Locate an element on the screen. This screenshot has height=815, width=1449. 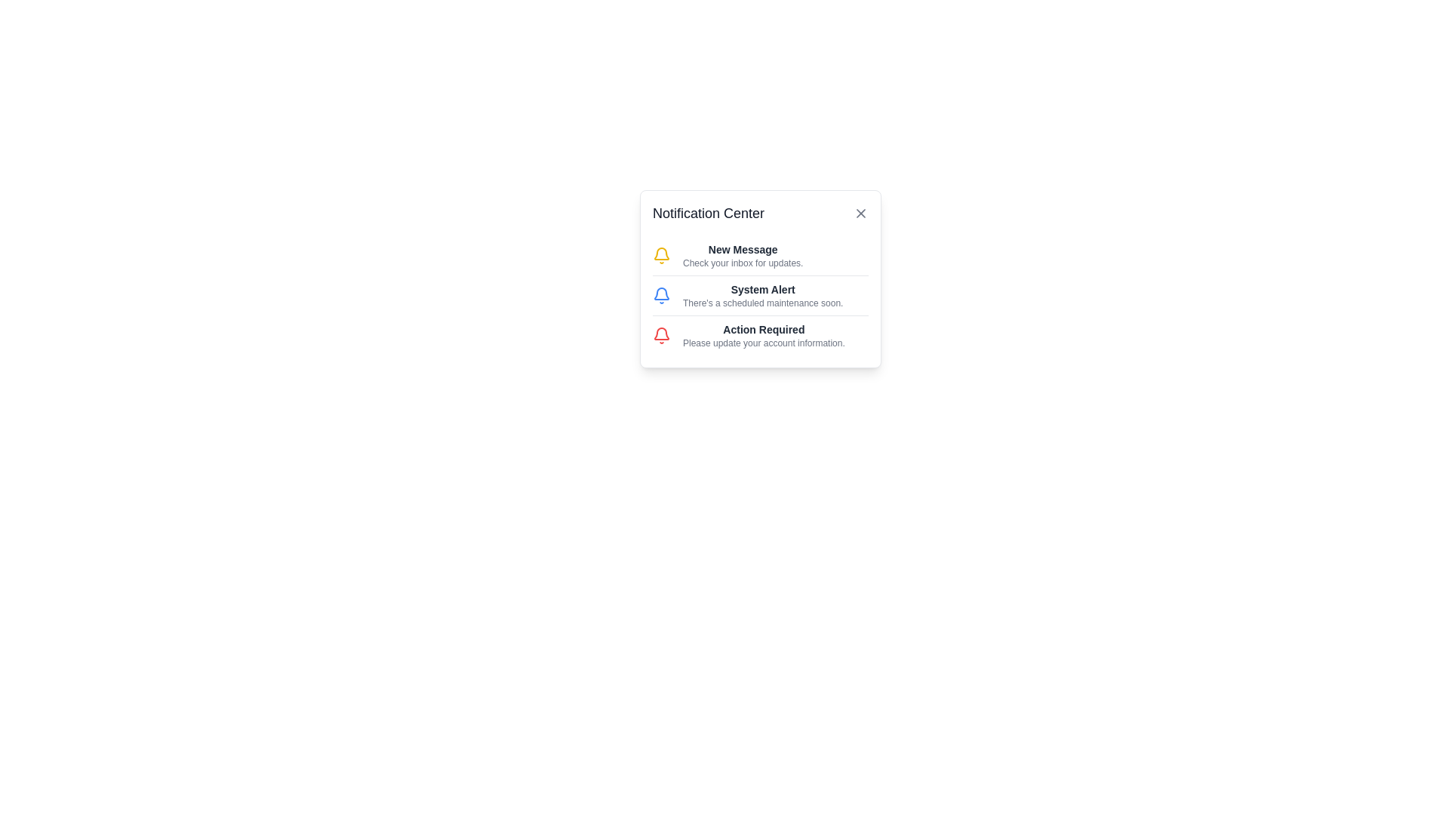
the header text of the notification panel located at the top-left corner of the notification box is located at coordinates (708, 213).